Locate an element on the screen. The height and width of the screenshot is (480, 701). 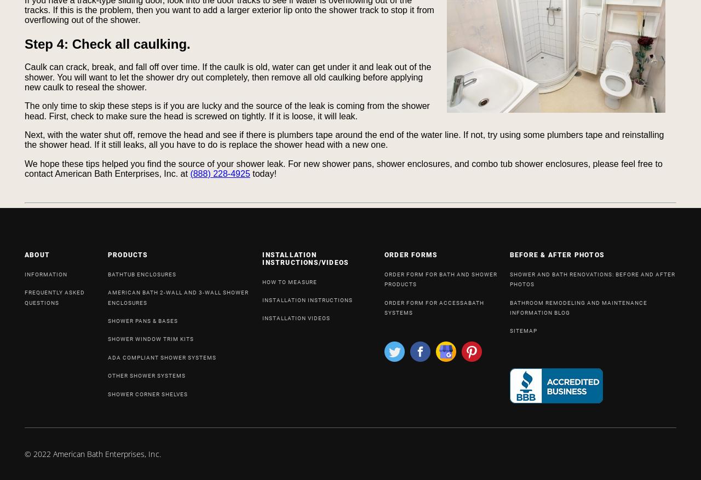
'BEFORE & AFTER PHOTOS' is located at coordinates (556, 255).